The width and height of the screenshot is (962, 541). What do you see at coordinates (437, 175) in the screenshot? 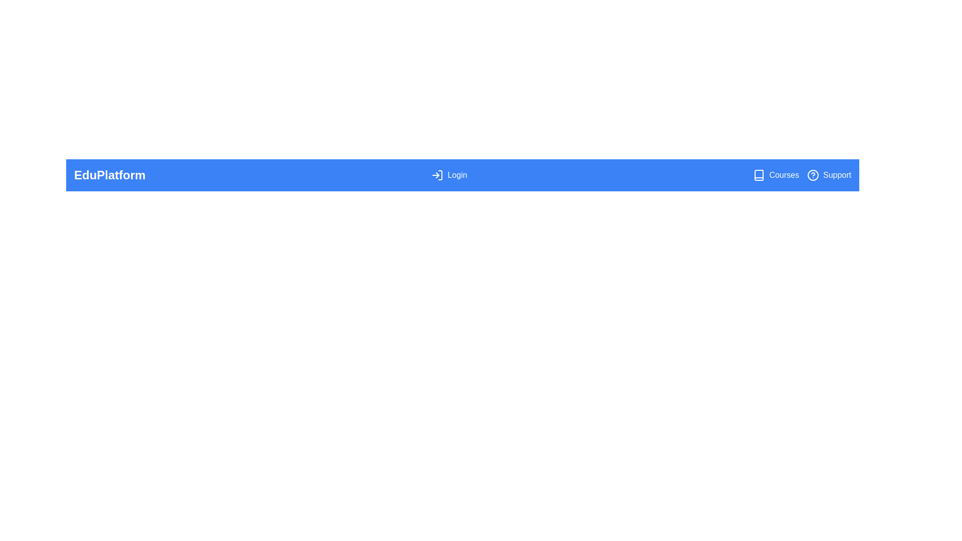
I see `the login icon located in the navigation bar near the right side, adjacent to the 'Login' text` at bounding box center [437, 175].